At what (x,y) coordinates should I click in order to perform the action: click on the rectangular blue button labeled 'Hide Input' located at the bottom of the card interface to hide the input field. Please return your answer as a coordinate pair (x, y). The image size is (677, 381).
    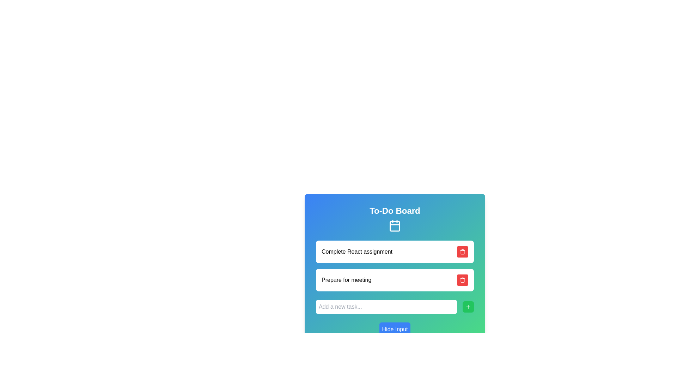
    Looking at the image, I should click on (394, 329).